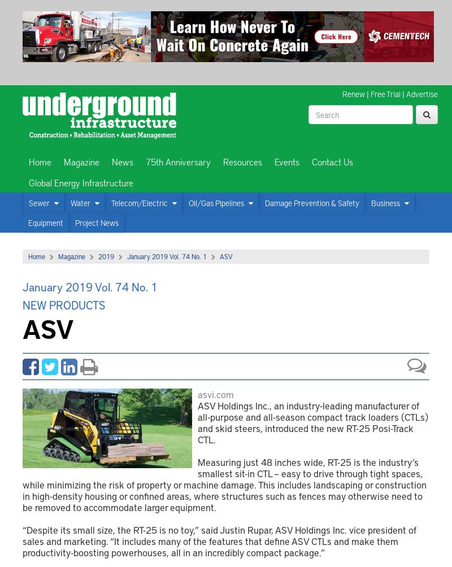 The width and height of the screenshot is (452, 567). What do you see at coordinates (28, 256) in the screenshot?
I see `'Home'` at bounding box center [28, 256].